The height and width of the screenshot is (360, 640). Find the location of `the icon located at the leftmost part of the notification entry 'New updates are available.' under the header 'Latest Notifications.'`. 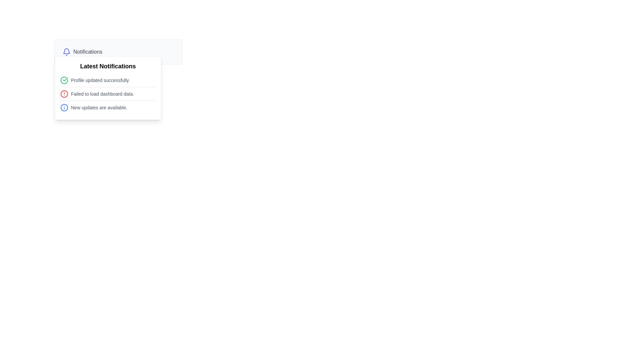

the icon located at the leftmost part of the notification entry 'New updates are available.' under the header 'Latest Notifications.' is located at coordinates (64, 107).